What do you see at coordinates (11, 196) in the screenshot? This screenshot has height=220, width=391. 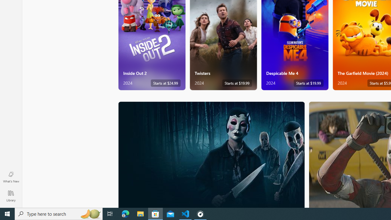 I see `'Library'` at bounding box center [11, 196].